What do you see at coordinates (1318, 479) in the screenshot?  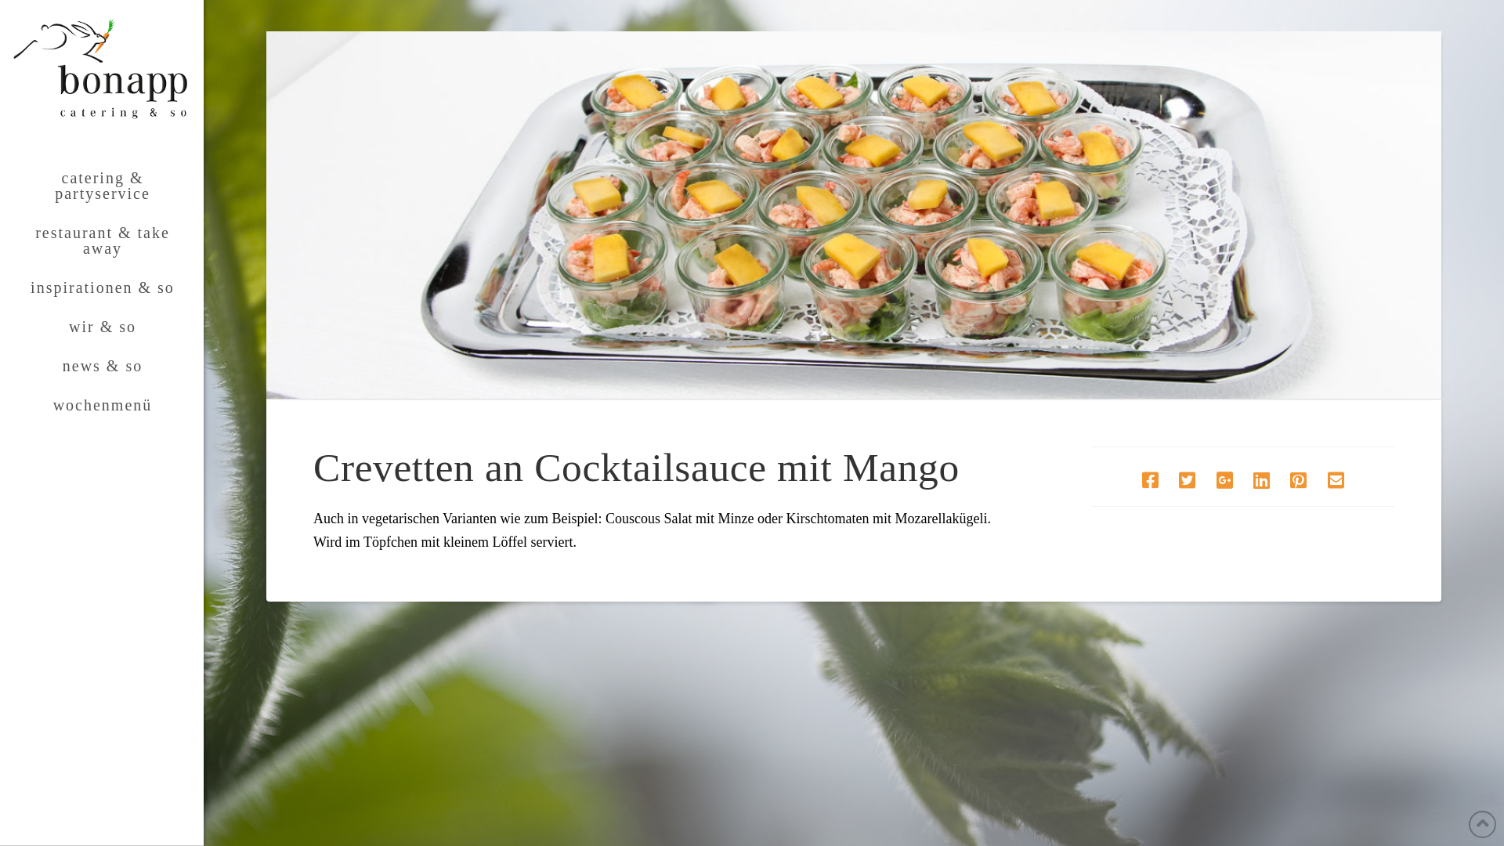 I see `'Share via Email'` at bounding box center [1318, 479].